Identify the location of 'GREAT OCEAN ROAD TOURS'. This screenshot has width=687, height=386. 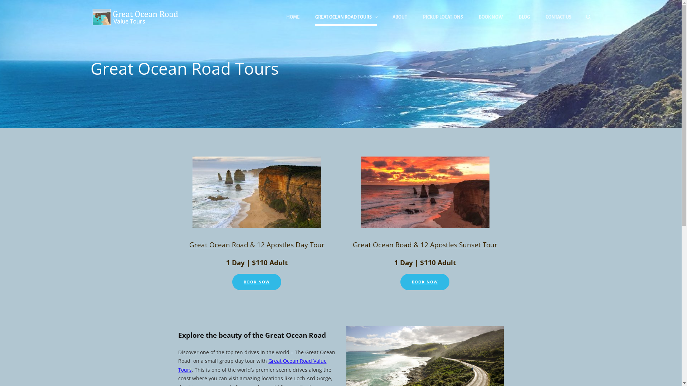
(345, 16).